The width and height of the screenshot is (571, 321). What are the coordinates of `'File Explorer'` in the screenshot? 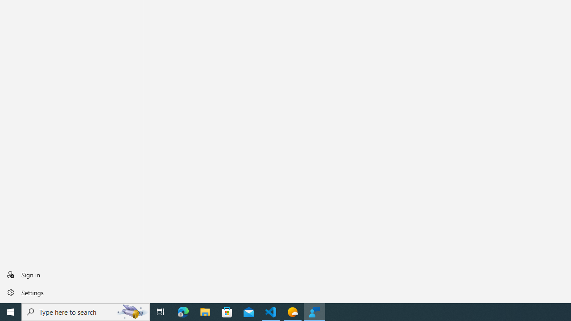 It's located at (205, 311).